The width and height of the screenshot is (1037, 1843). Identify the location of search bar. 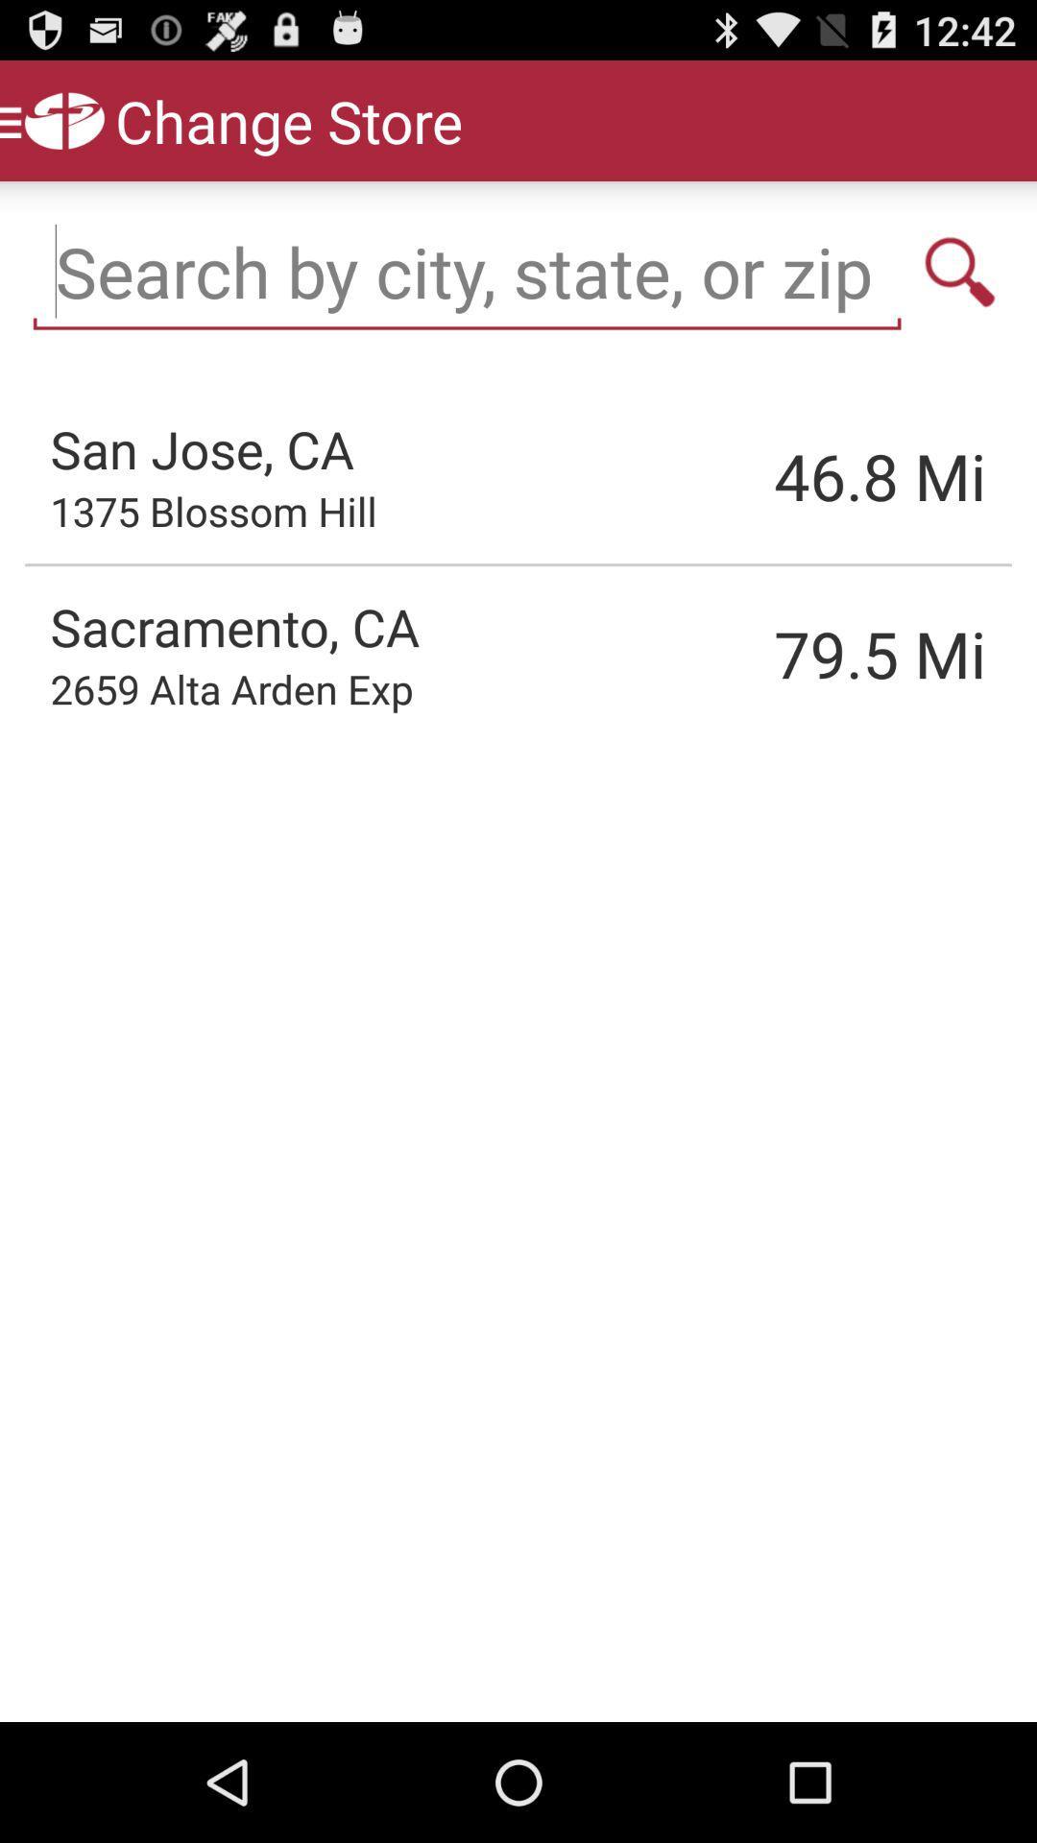
(467, 271).